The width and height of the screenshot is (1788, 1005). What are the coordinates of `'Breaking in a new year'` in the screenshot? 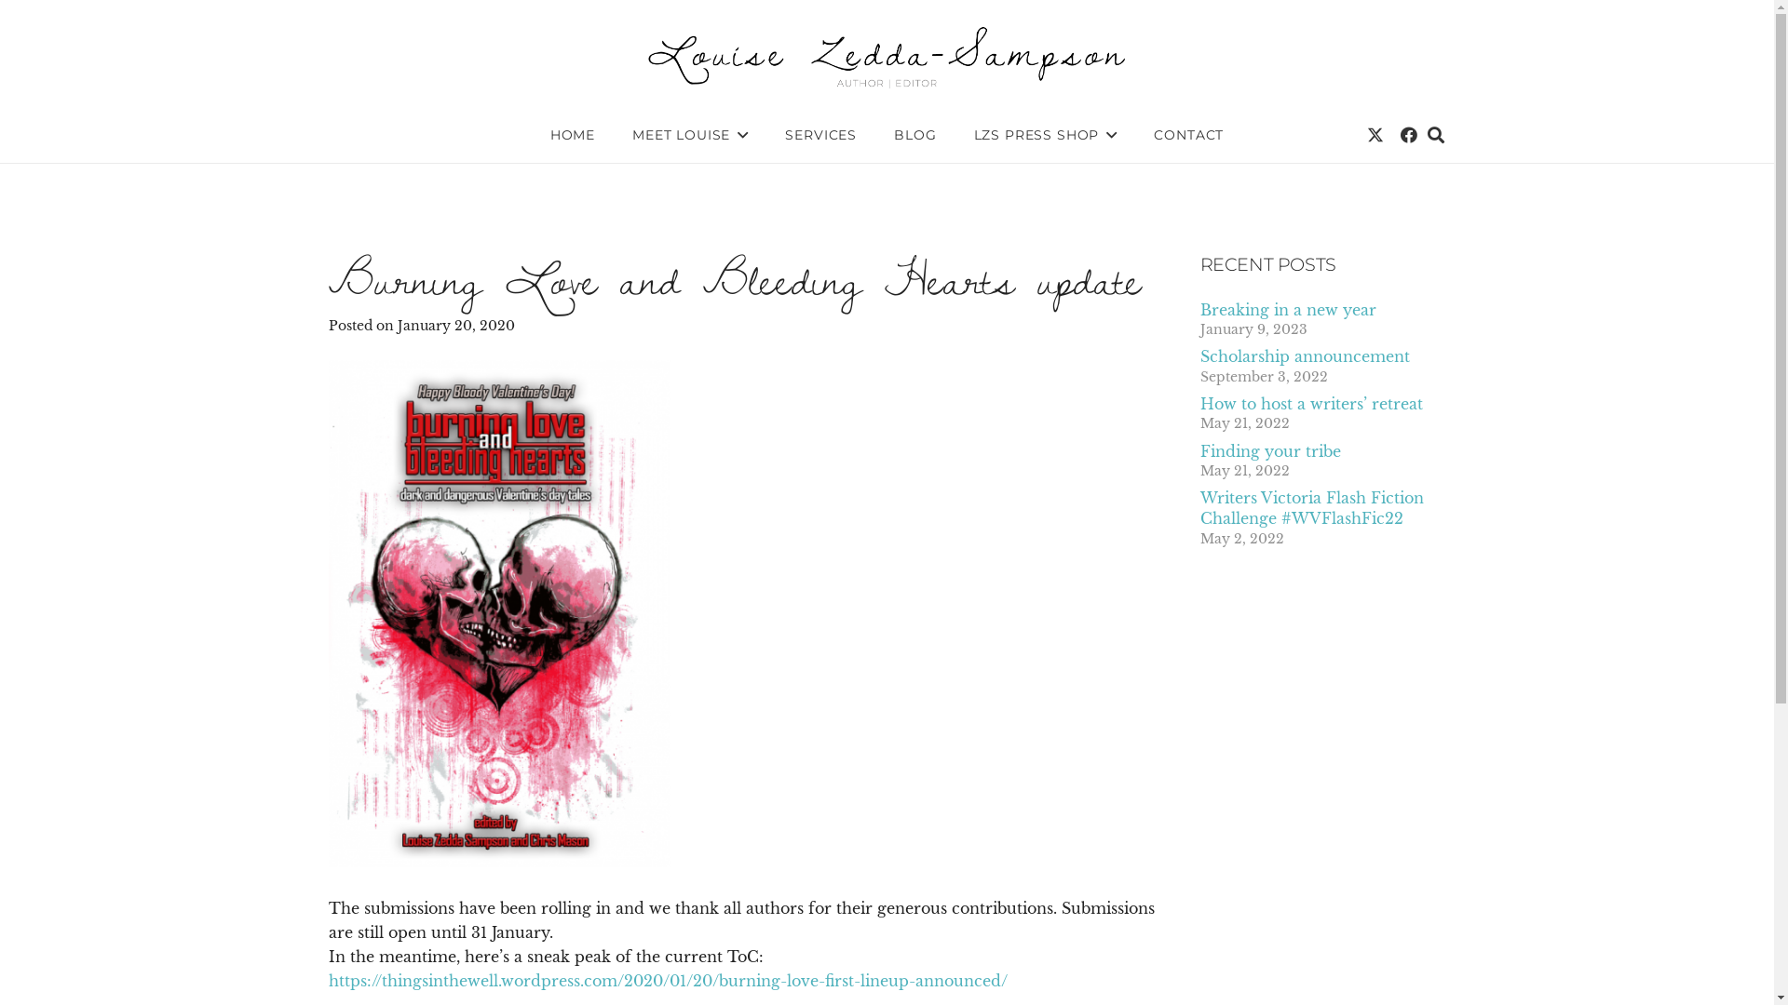 It's located at (1199, 308).